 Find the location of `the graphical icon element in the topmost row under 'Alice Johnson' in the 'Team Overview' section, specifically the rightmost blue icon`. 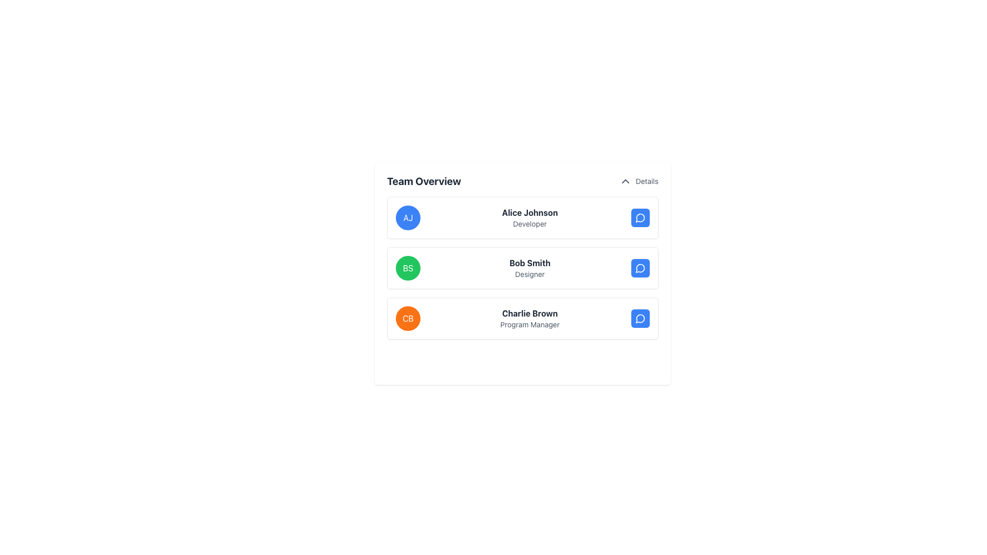

the graphical icon element in the topmost row under 'Alice Johnson' in the 'Team Overview' section, specifically the rightmost blue icon is located at coordinates (639, 217).